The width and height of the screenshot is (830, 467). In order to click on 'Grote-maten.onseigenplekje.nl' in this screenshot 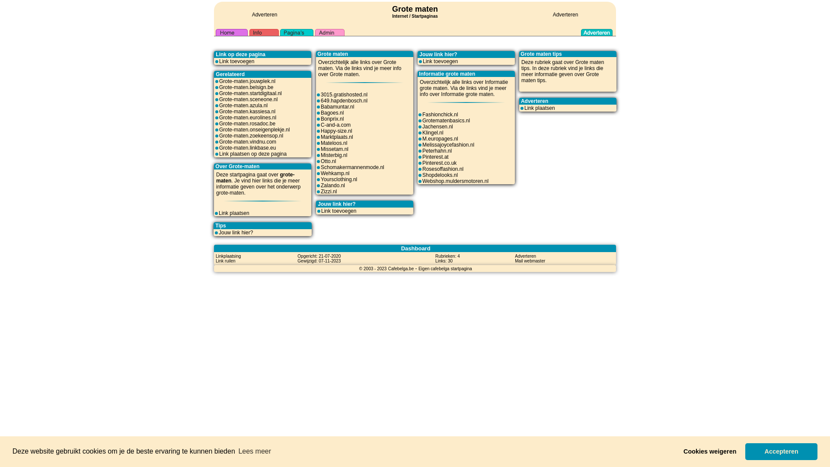, I will do `click(254, 130)`.